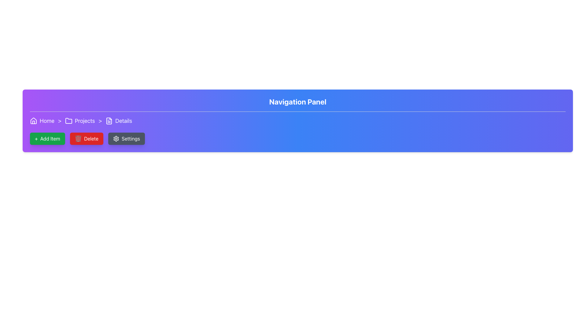  Describe the element at coordinates (60, 121) in the screenshot. I see `the rightward-facing arrow symbol '>' in the breadcrumb navigation, positioned between 'Home' and 'Projects', which is displayed in white on a vibrant gradient background` at that location.